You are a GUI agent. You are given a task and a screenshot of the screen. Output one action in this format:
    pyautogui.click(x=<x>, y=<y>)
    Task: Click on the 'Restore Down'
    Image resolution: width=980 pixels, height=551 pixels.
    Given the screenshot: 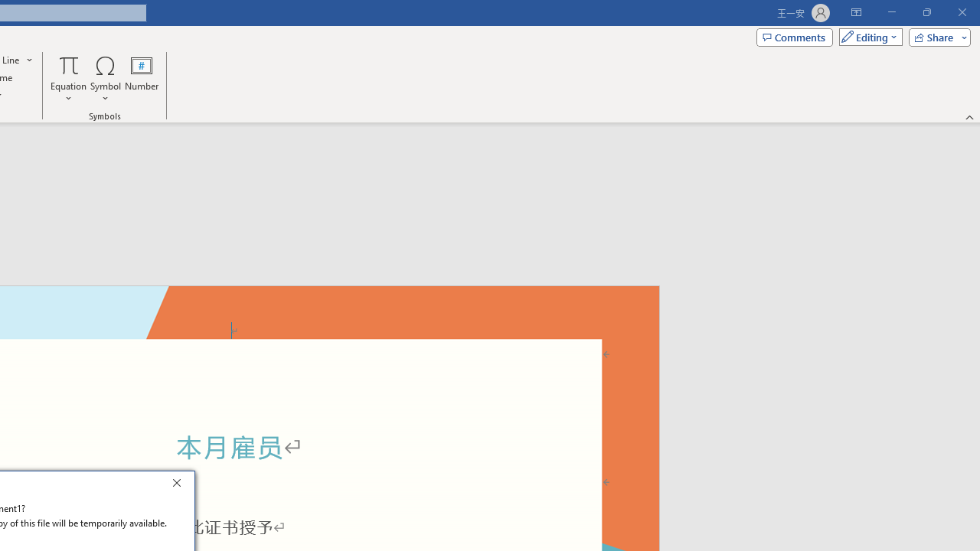 What is the action you would take?
    pyautogui.click(x=926, y=12)
    